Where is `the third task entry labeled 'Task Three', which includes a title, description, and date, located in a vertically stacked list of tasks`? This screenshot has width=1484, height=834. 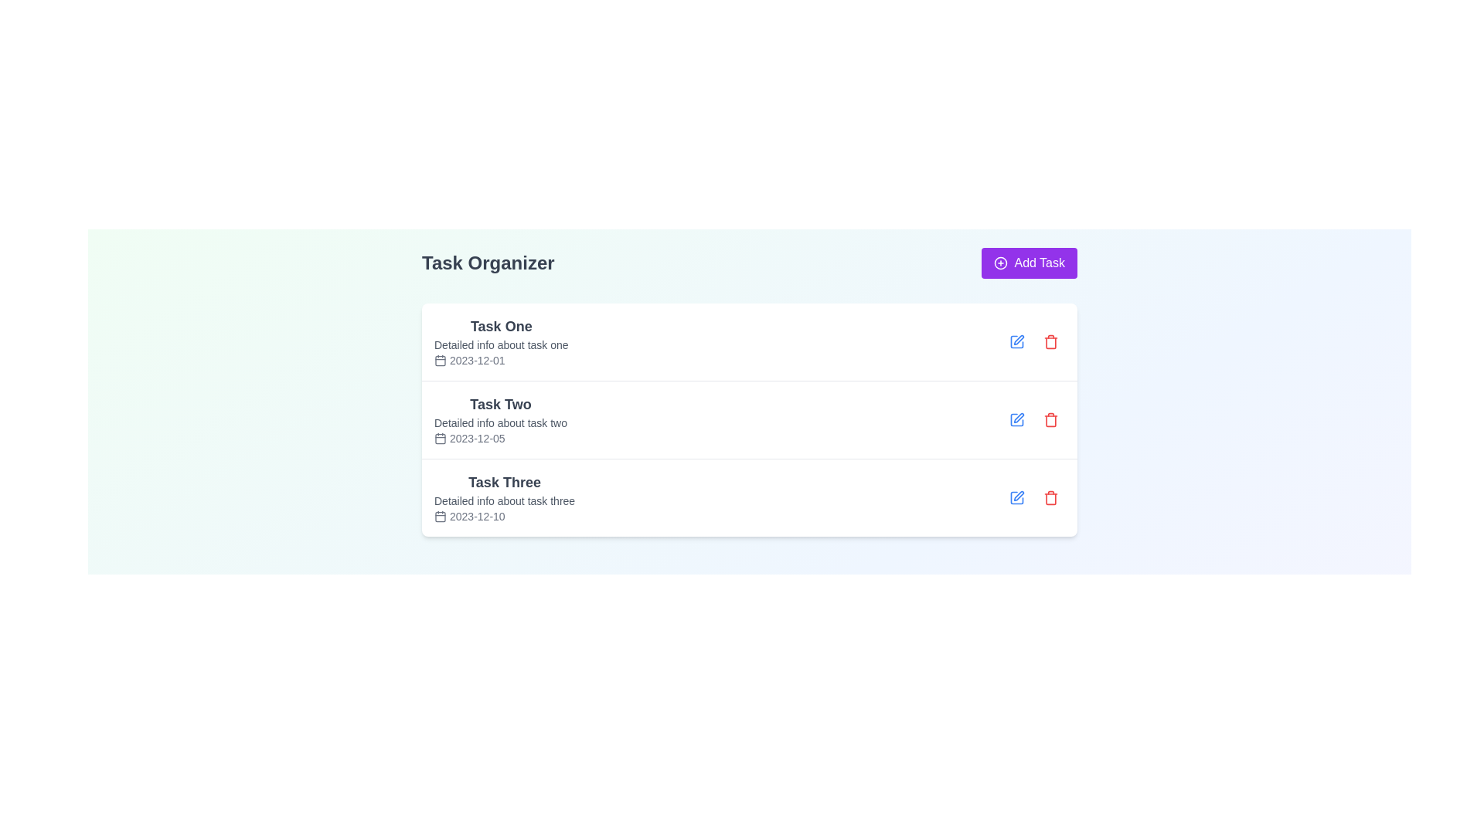 the third task entry labeled 'Task Three', which includes a title, description, and date, located in a vertically stacked list of tasks is located at coordinates (749, 497).